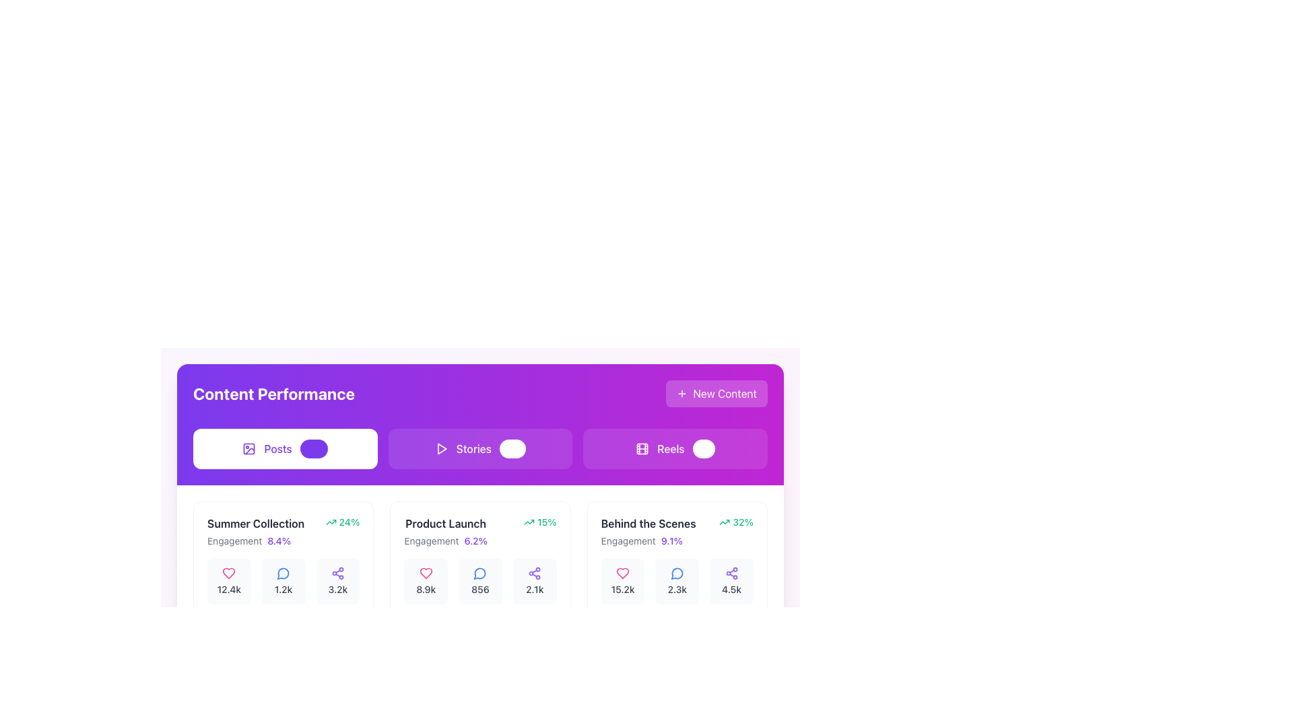  I want to click on the toggle switch on the 'Stories' button, which has a purple gradient background and a play symbol icon, so click(480, 449).